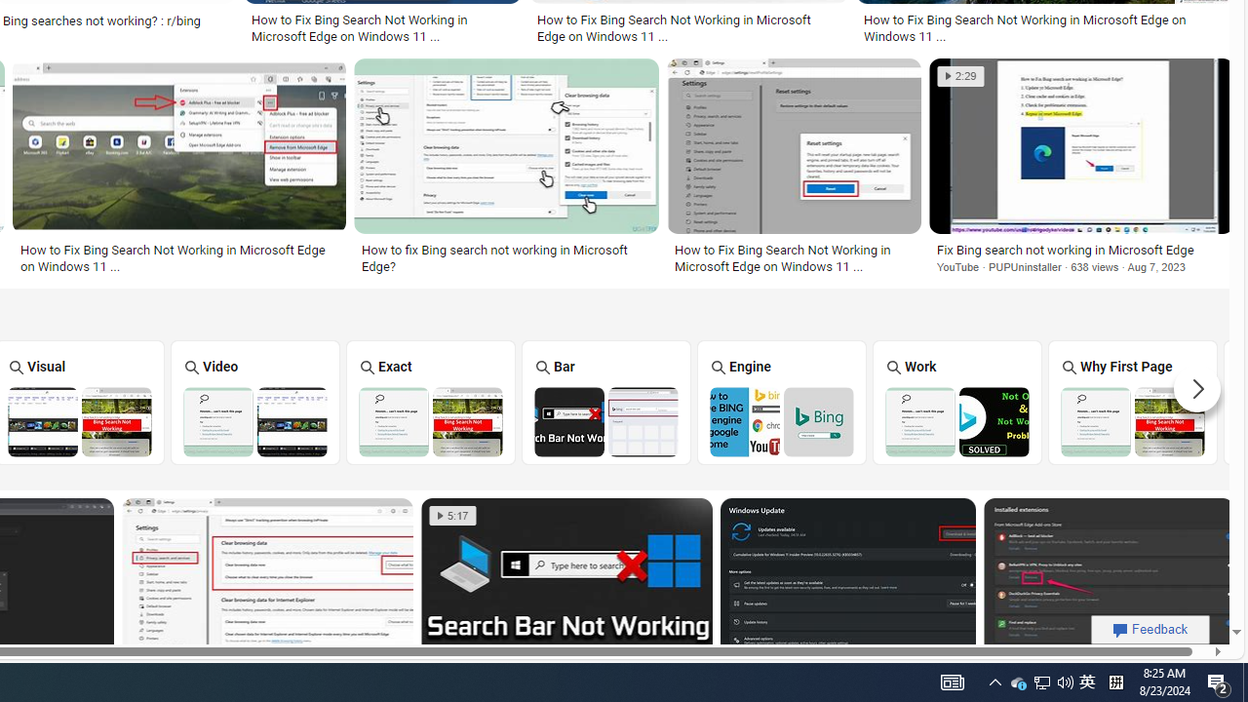  Describe the element at coordinates (956, 401) in the screenshot. I see `'Bing Work Search Not Working Work'` at that location.